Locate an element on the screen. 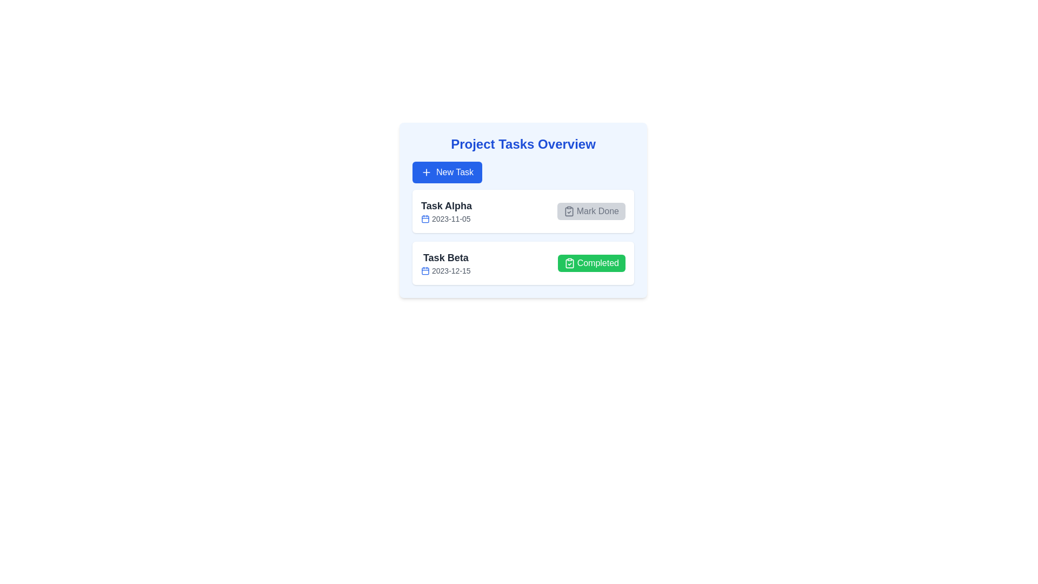 The height and width of the screenshot is (584, 1038). the static text label that identifies the task, positioned above the date label '2023-12-15' and beside the green button labeled 'Completed' is located at coordinates (445, 258).